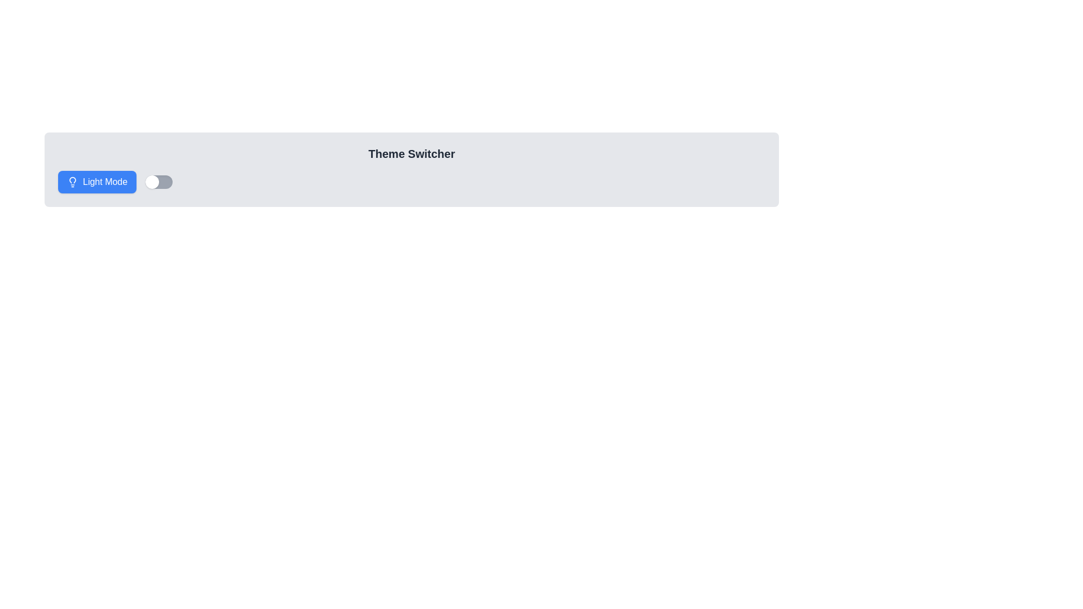 This screenshot has width=1083, height=609. What do you see at coordinates (97, 182) in the screenshot?
I see `the rounded rectangular blue button labeled 'Light Mode' with a lightbulb icon` at bounding box center [97, 182].